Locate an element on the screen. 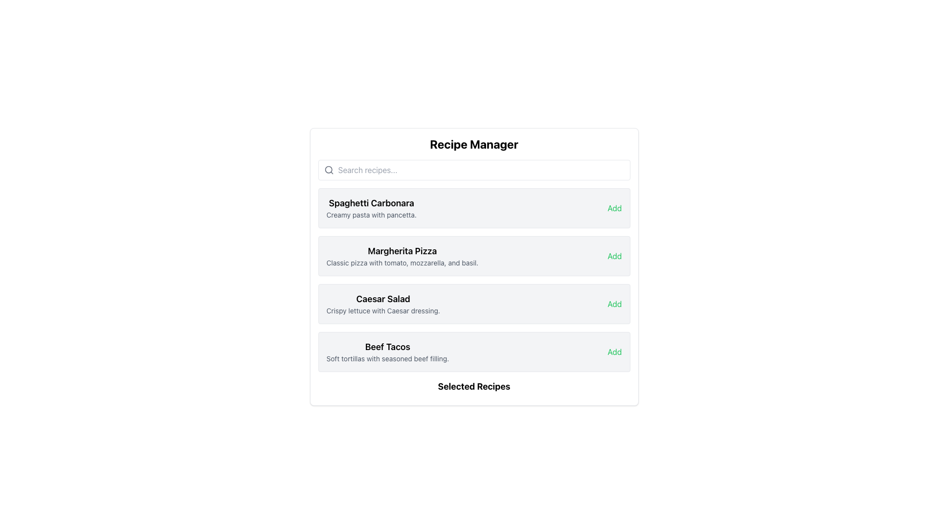 The width and height of the screenshot is (939, 528). the text label displaying 'Margherita Pizza', which is prominently located above 'Caesar Salad' and below 'Spaghetti Carbonara' is located at coordinates (402, 250).